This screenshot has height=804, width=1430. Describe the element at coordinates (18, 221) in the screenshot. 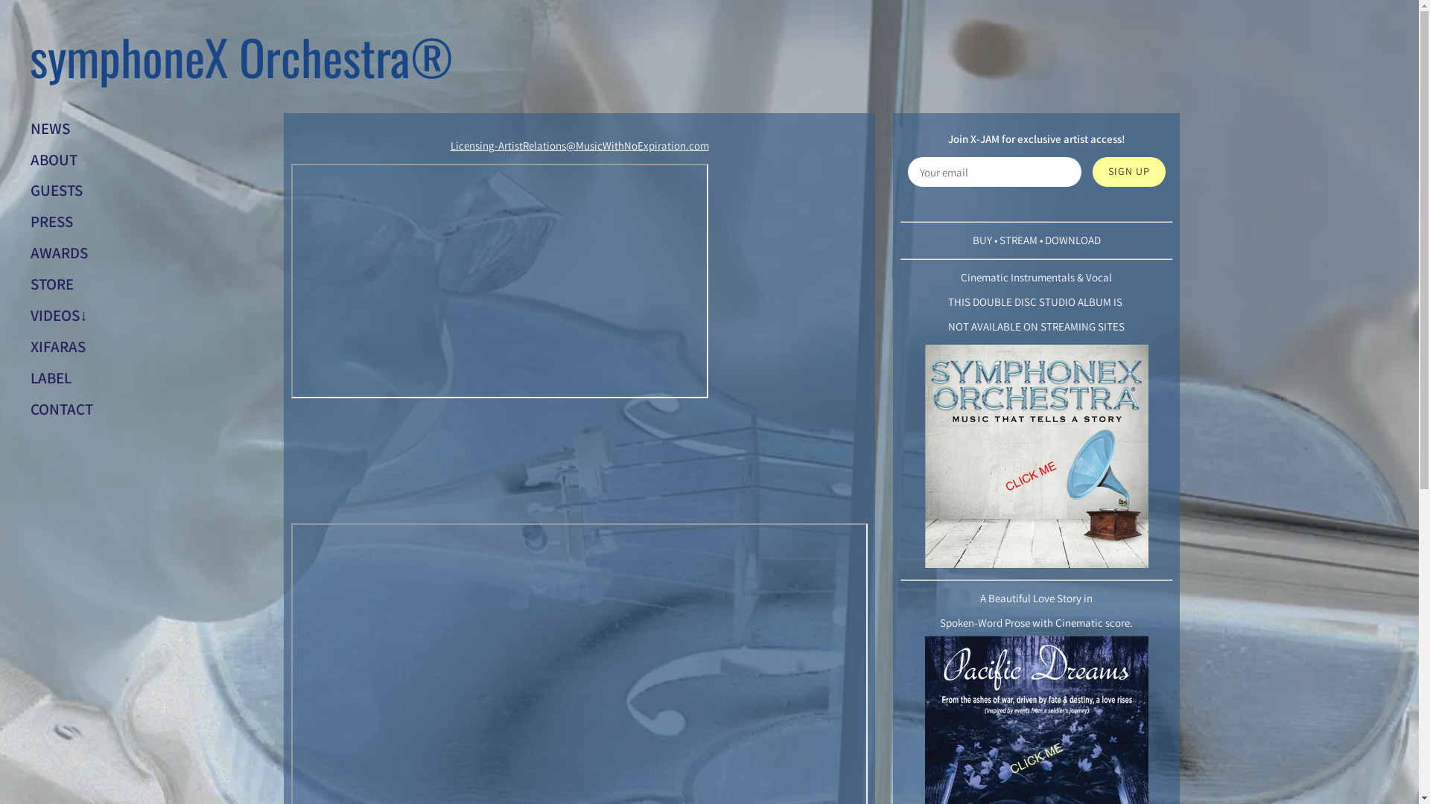

I see `'PRESS'` at that location.